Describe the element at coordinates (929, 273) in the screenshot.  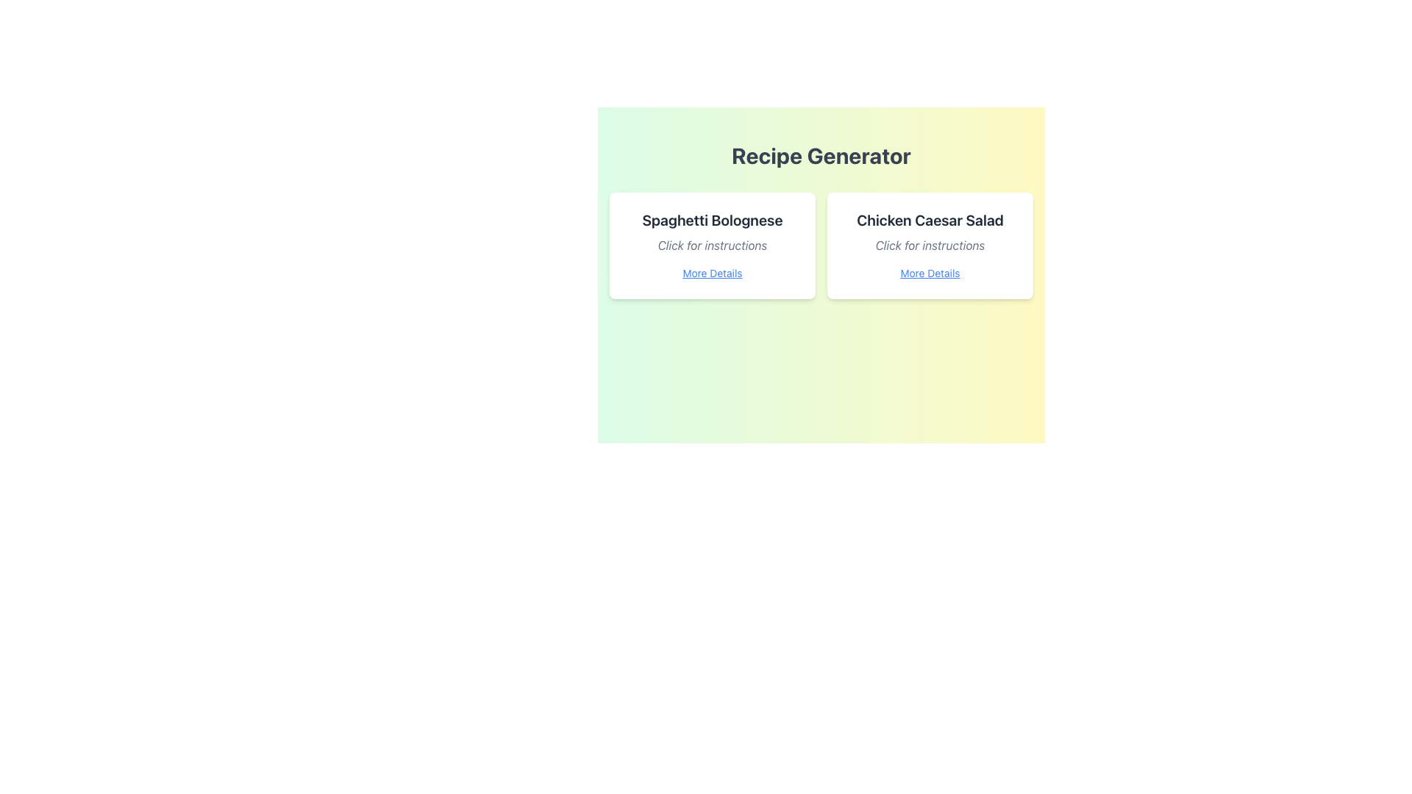
I see `the 'More Details' link, which is styled with blue color and an underline, located at the bottom of the card layout beneath 'Chicken Caesar Salad' and 'Click for instructions'` at that location.